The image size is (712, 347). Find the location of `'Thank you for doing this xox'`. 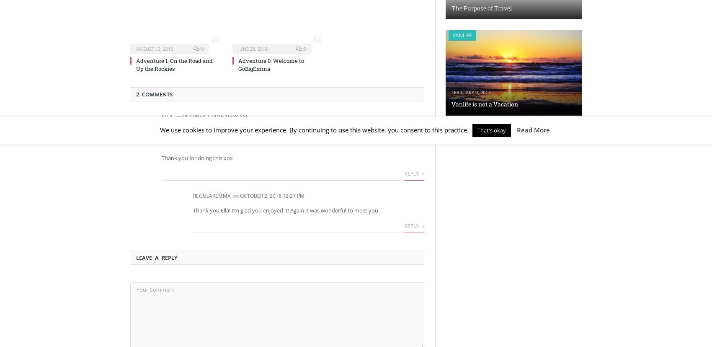

'Thank you for doing this xox' is located at coordinates (197, 157).